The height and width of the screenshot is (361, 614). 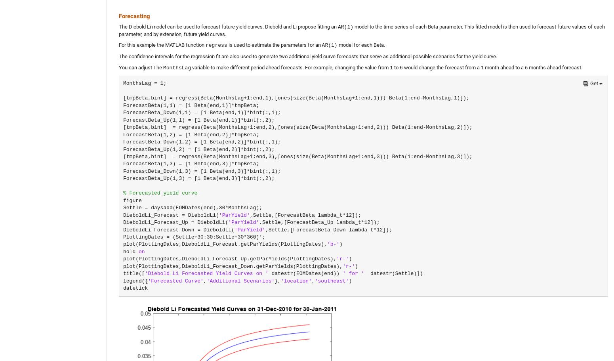 I want to click on 'Forecasting', so click(x=134, y=15).